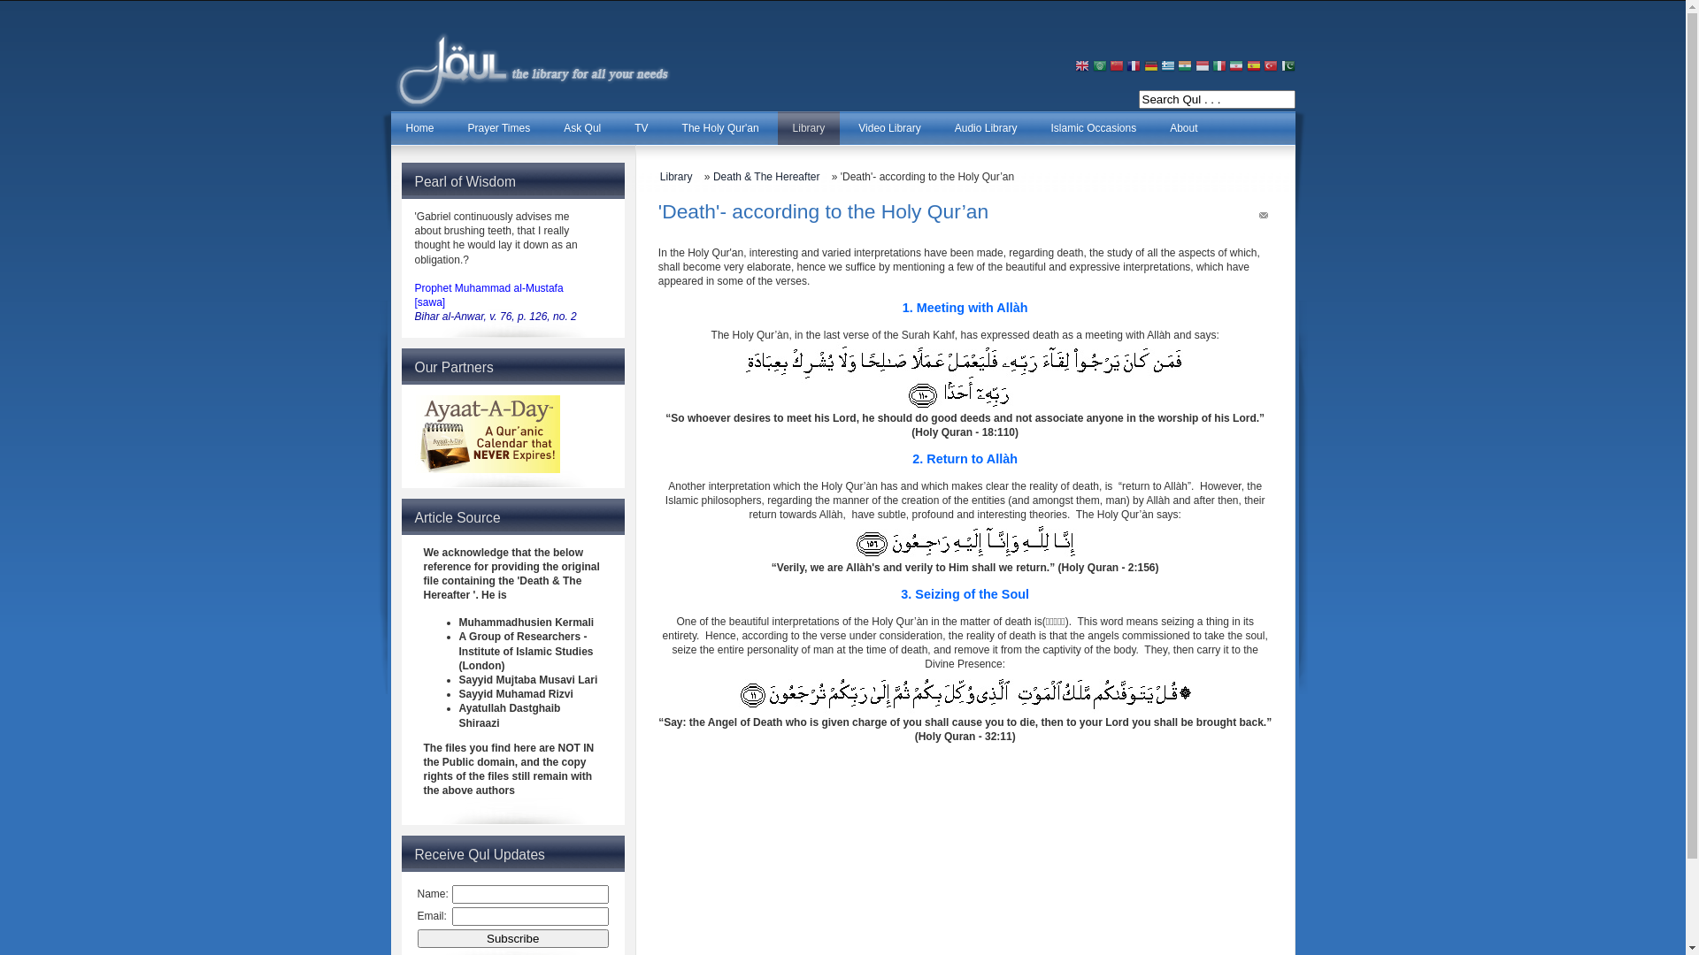  I want to click on 'French', so click(1134, 66).